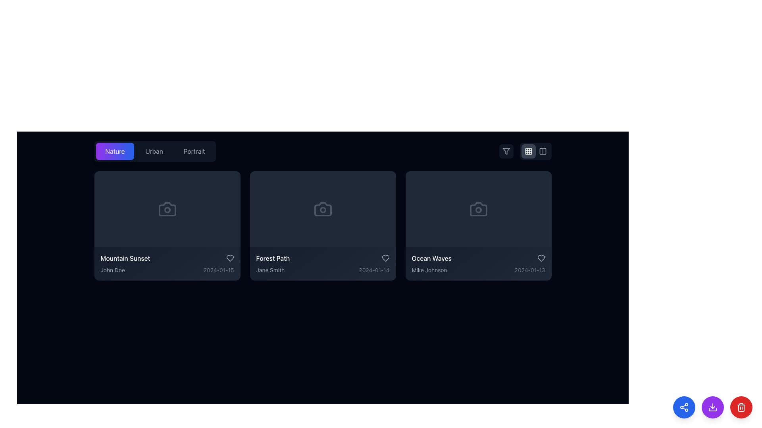 The height and width of the screenshot is (428, 762). Describe the element at coordinates (712, 407) in the screenshot. I see `the circular purple download button with a downward-pointing arrow icon to initiate a download` at that location.